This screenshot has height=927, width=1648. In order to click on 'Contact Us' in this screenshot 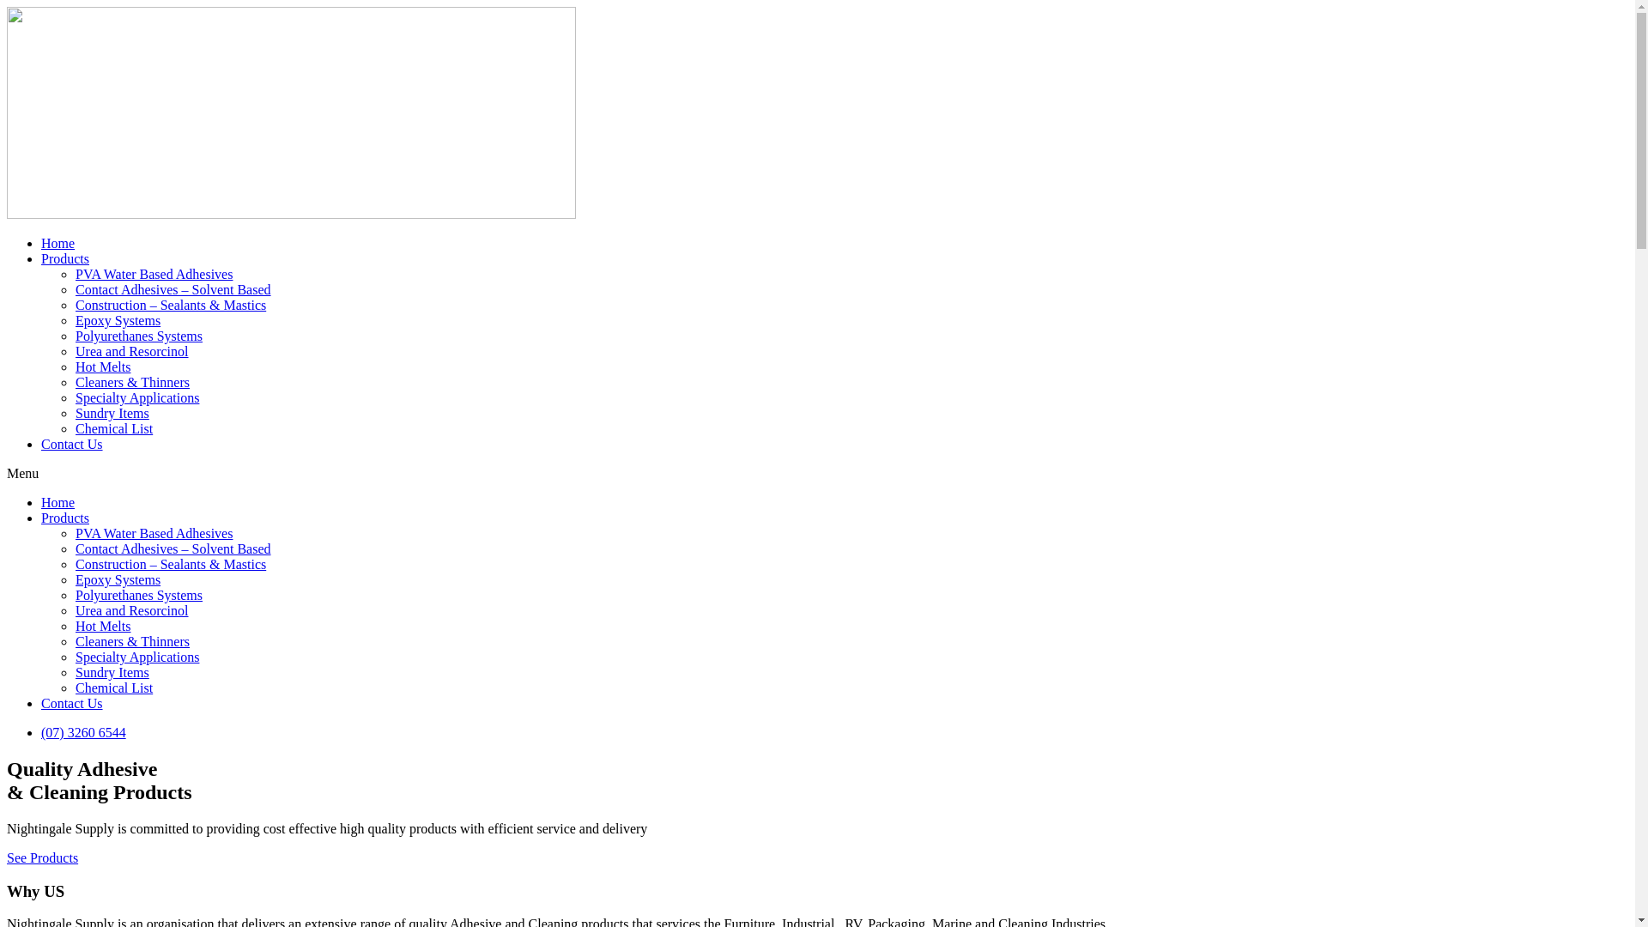, I will do `click(41, 443)`.